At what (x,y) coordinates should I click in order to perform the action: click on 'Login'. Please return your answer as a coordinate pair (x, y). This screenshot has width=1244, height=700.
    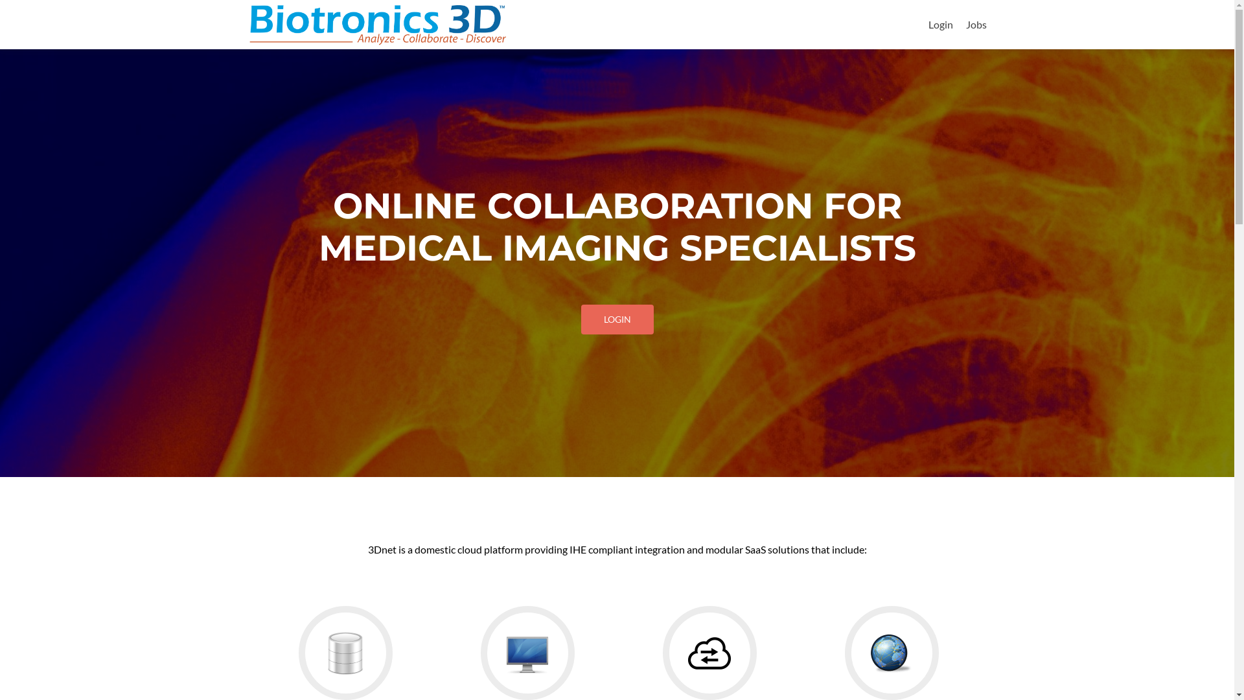
    Looking at the image, I should click on (939, 24).